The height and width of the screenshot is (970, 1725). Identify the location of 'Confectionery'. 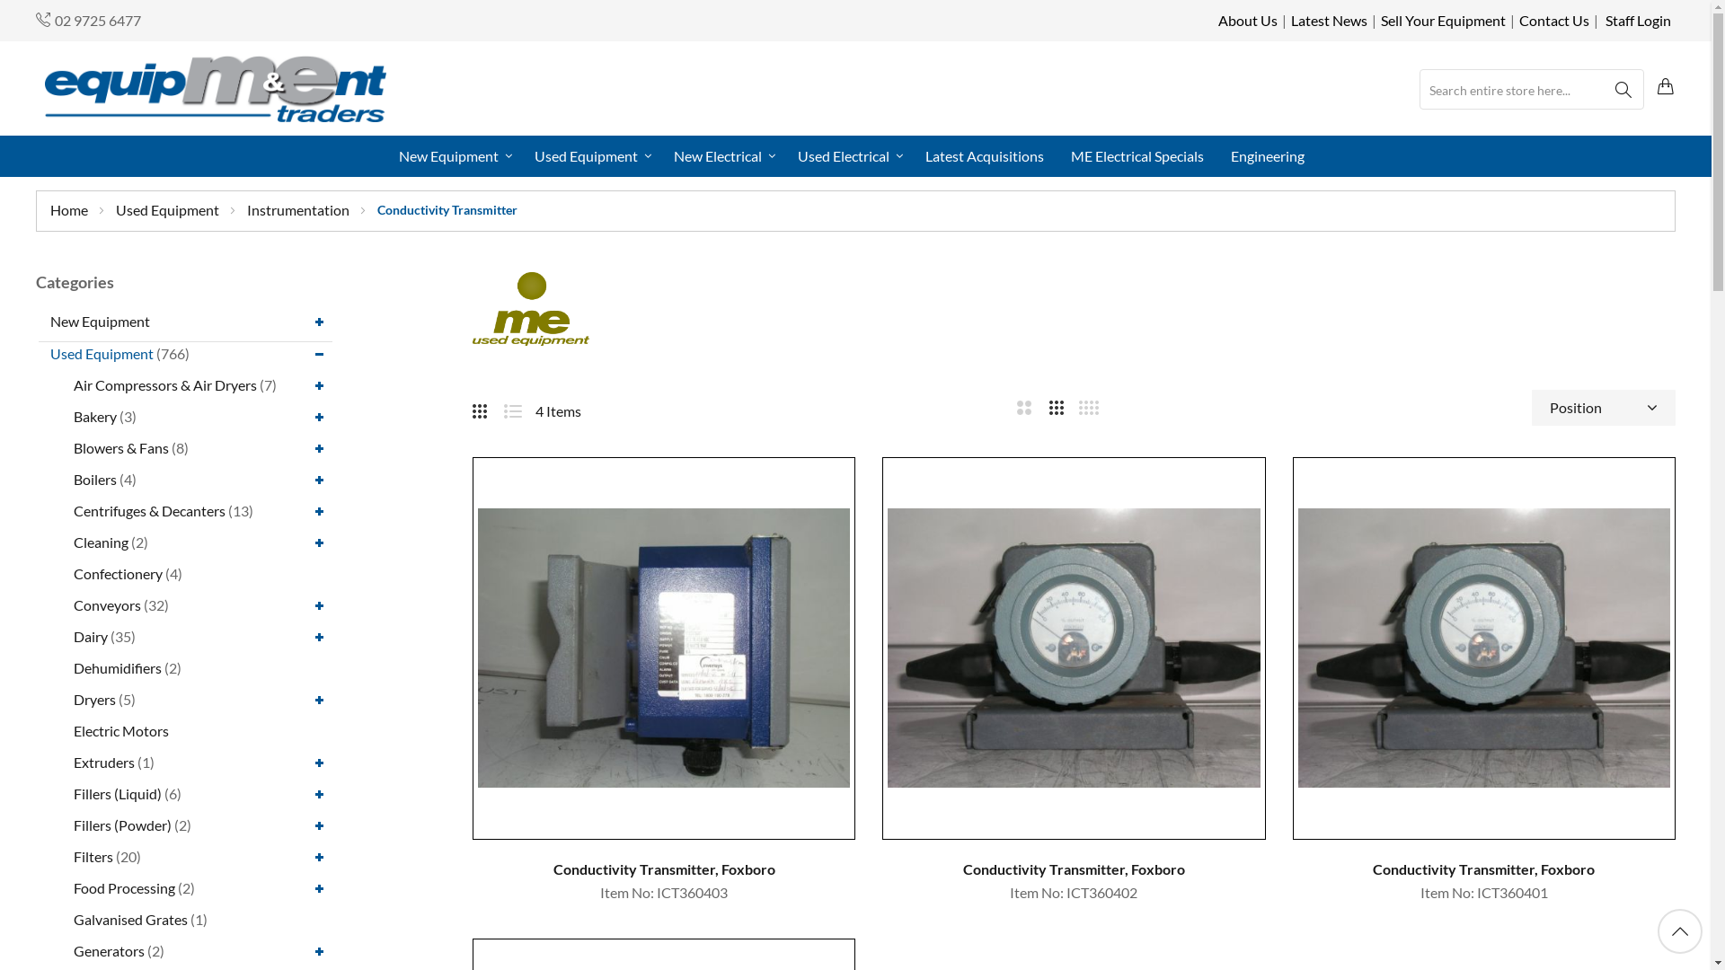
(117, 572).